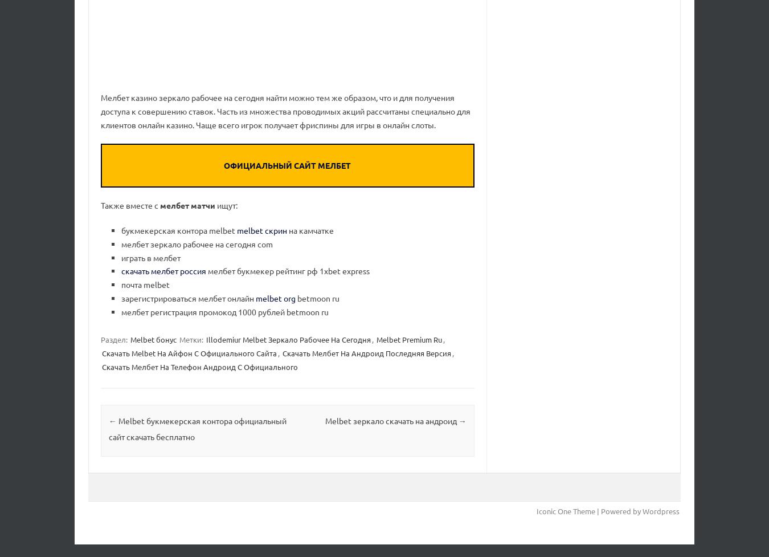  Describe the element at coordinates (324, 420) in the screenshot. I see `'Melbet зеркало скачать на андроид'` at that location.